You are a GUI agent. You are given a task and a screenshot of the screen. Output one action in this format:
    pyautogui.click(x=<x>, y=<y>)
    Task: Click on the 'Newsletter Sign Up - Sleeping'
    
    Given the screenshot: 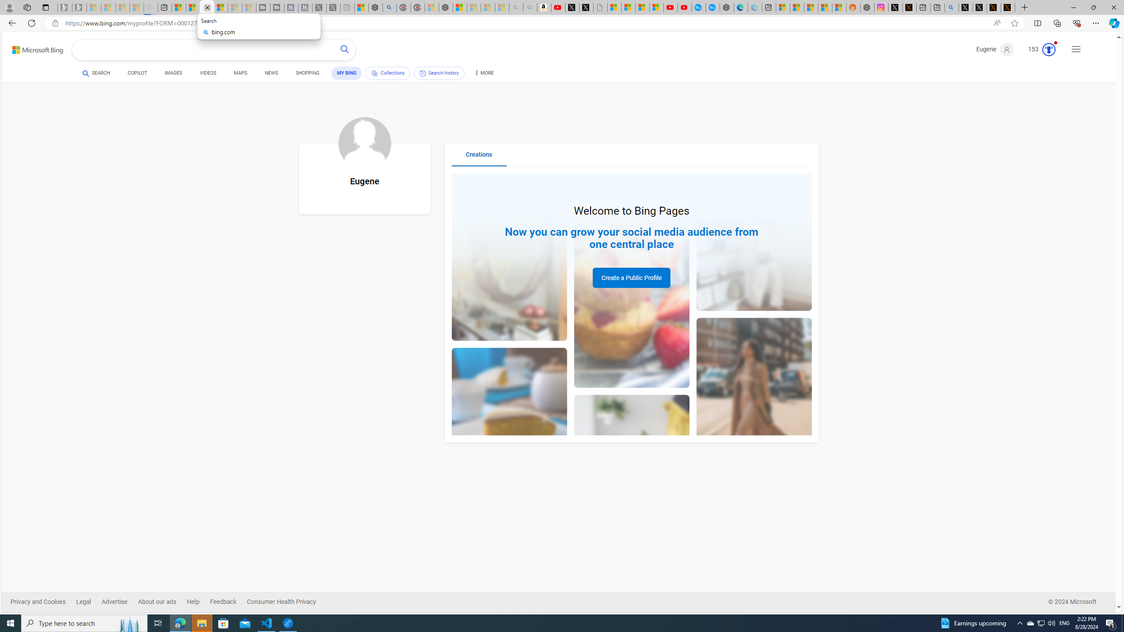 What is the action you would take?
    pyautogui.click(x=79, y=7)
    